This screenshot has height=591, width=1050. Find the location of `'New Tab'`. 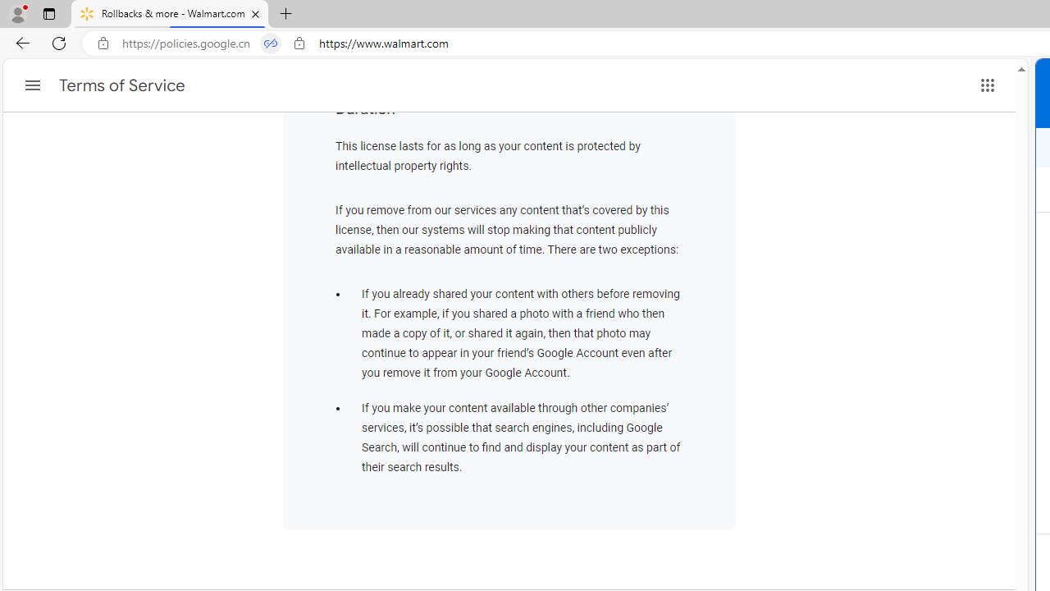

'New Tab' is located at coordinates (286, 14).